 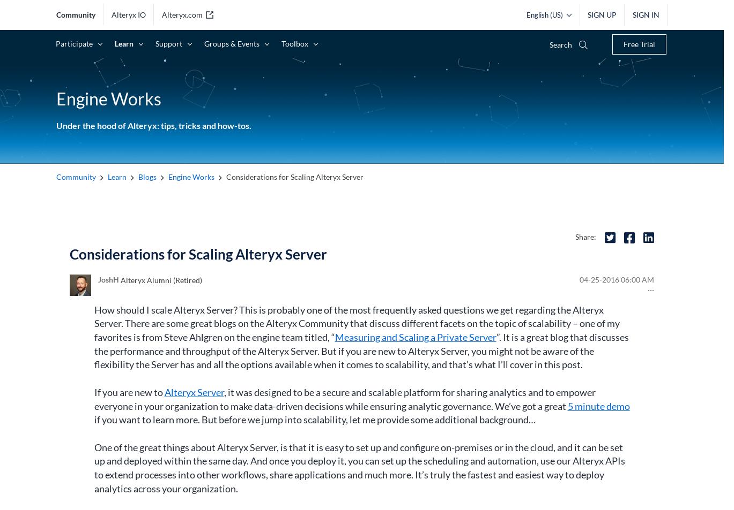 I want to click on 'Share:', so click(x=585, y=235).